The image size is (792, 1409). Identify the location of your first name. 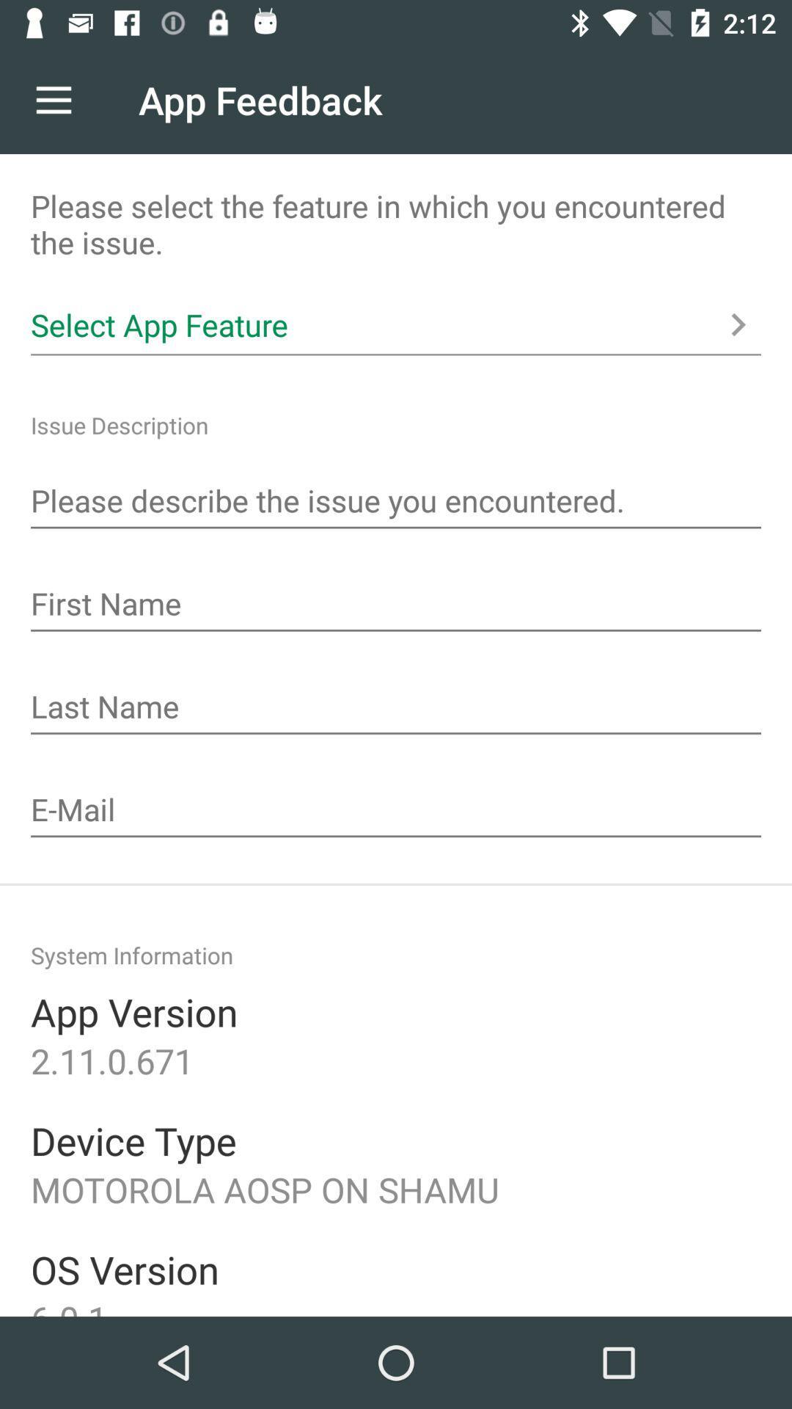
(396, 605).